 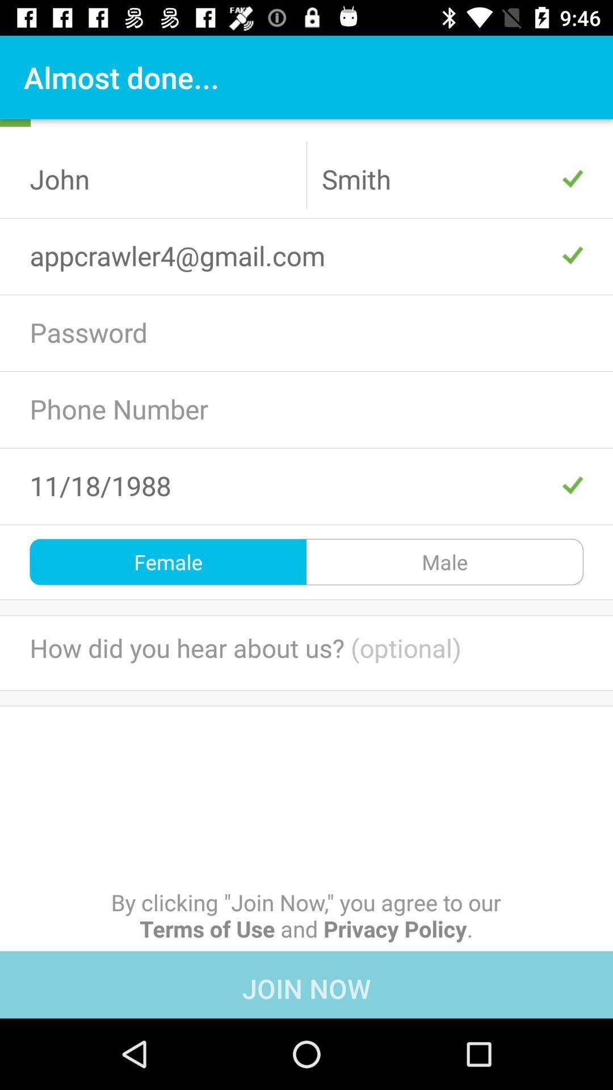 What do you see at coordinates (452, 178) in the screenshot?
I see `item at the top right corner` at bounding box center [452, 178].